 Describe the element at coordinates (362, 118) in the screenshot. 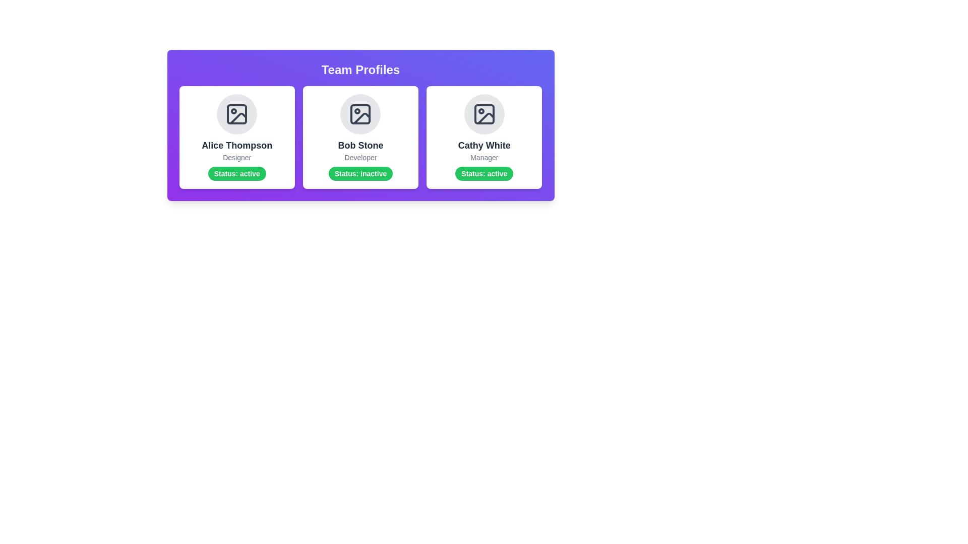

I see `the gray slanted rectangle icon representing the profile picture of Bob Stone in the 'Team Profiles' section` at that location.